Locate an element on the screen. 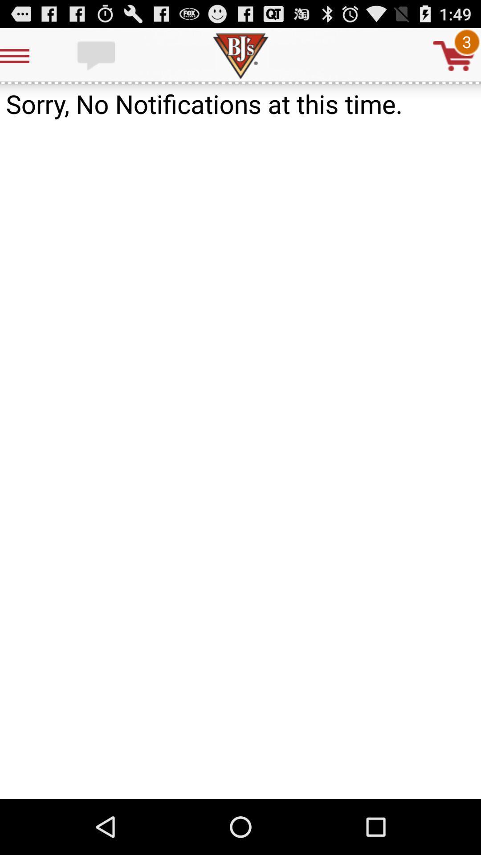 The height and width of the screenshot is (855, 481). text chat is located at coordinates (97, 55).